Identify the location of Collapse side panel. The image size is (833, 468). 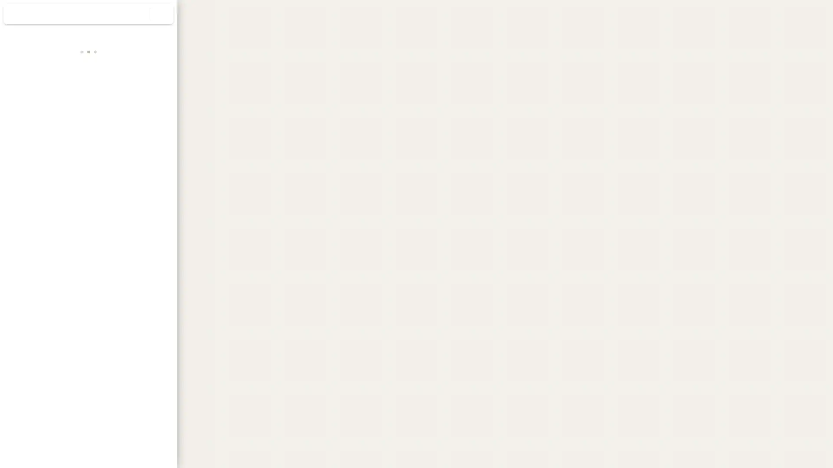
(181, 234).